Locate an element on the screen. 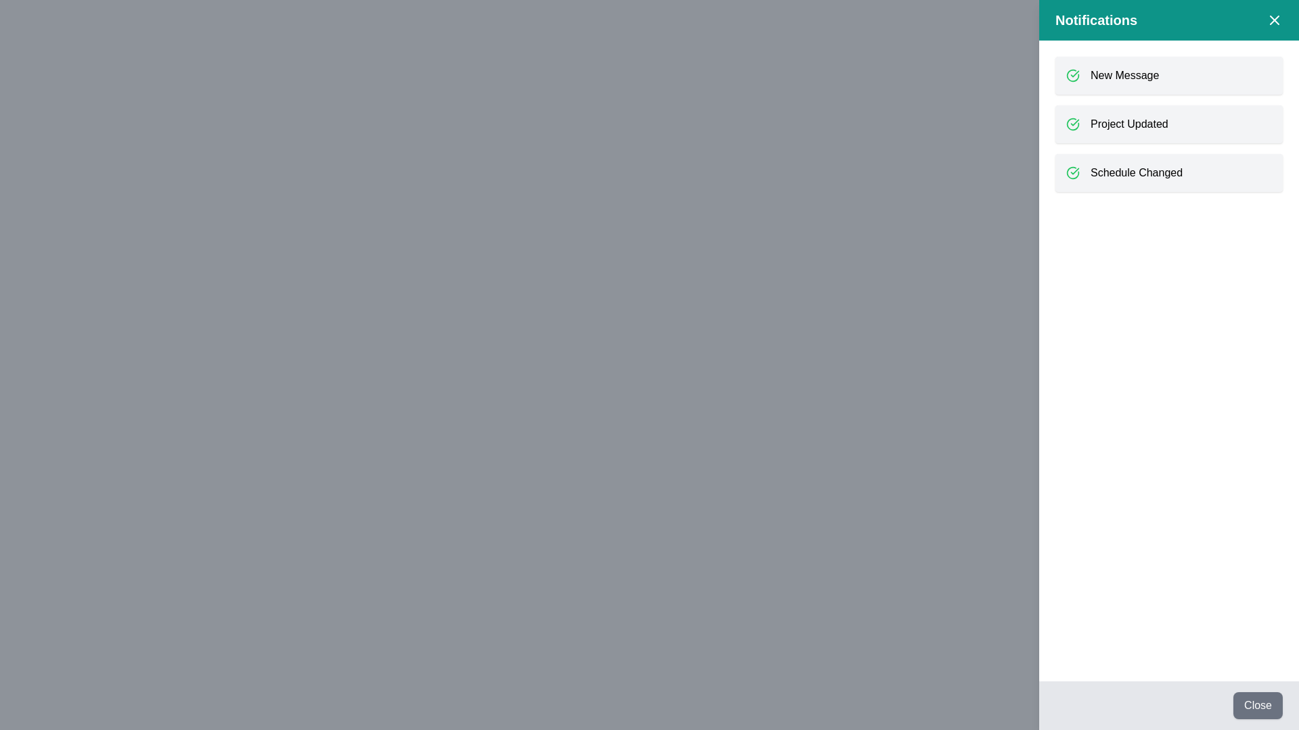  the first notification item in the right-aligned sidebar is located at coordinates (1168, 75).